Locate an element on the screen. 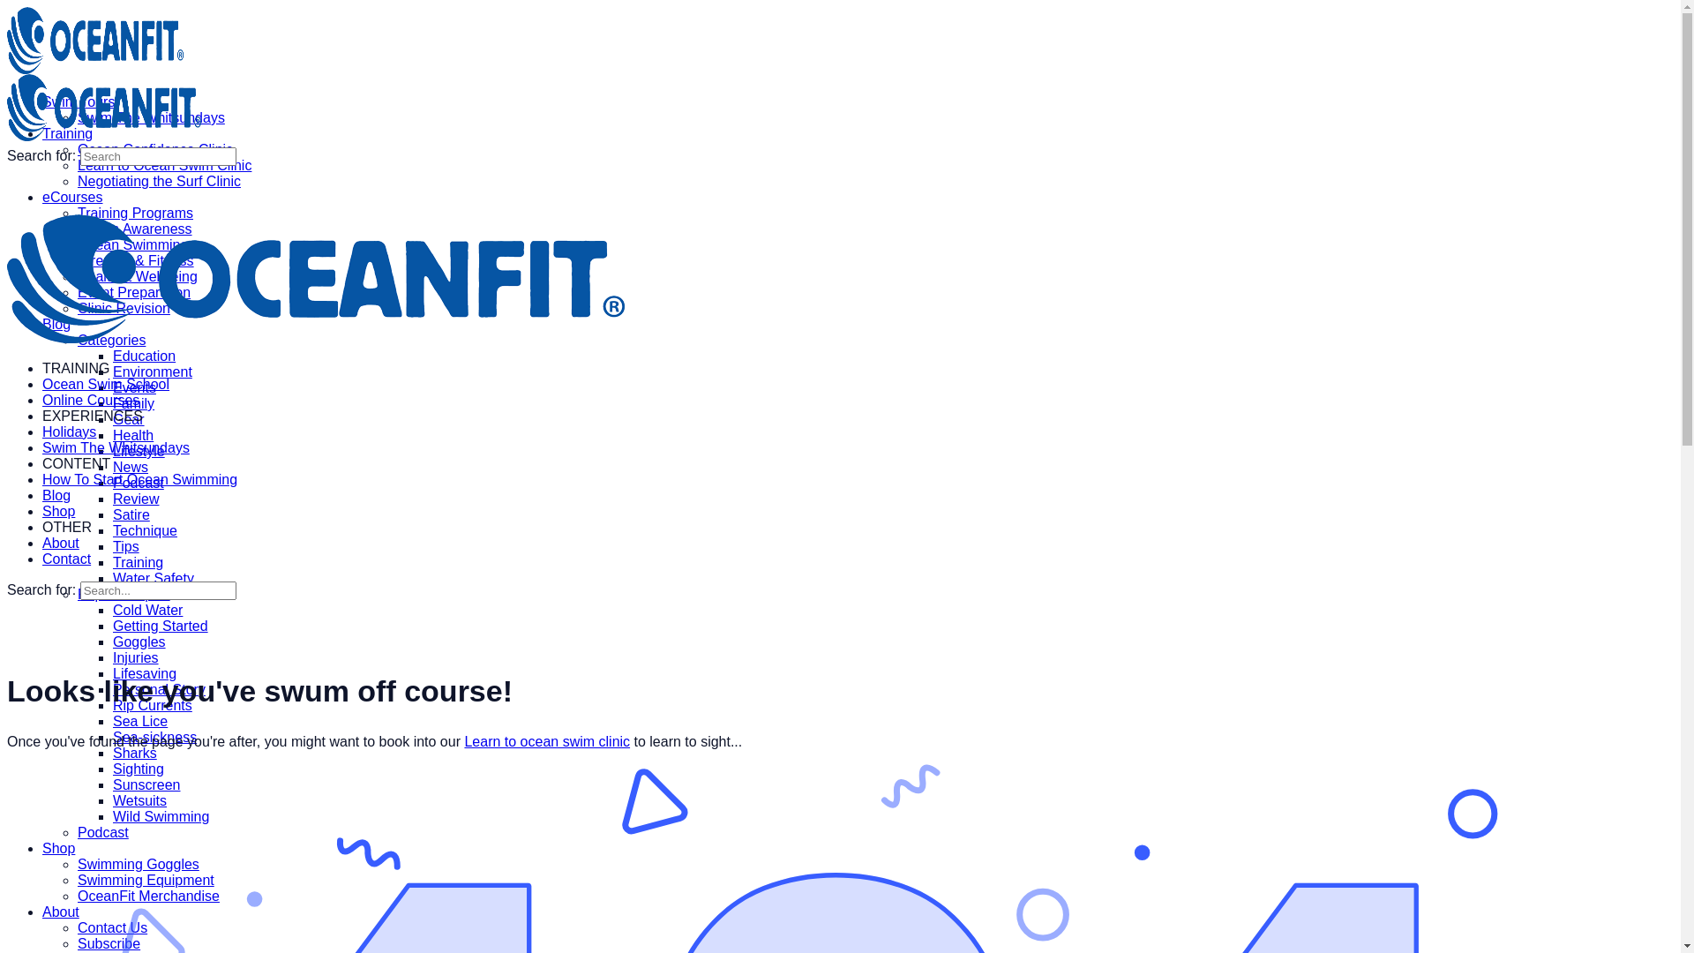  'Event Preparation' is located at coordinates (133, 291).